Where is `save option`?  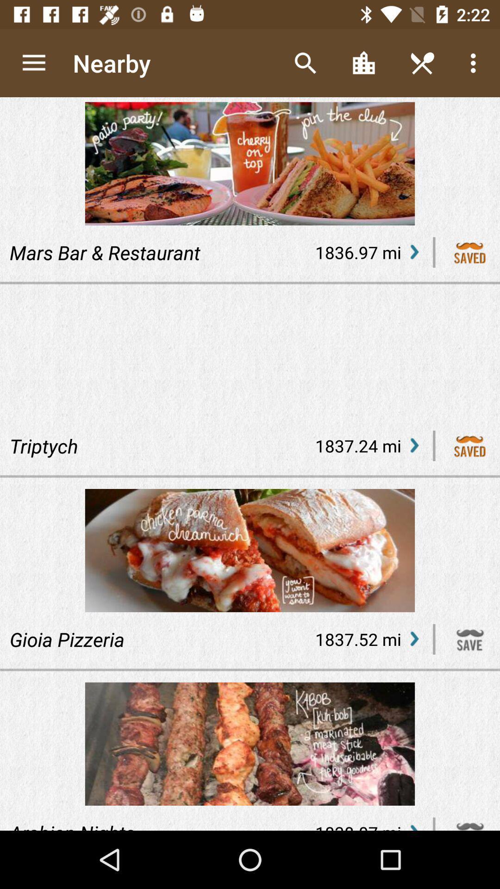 save option is located at coordinates (470, 252).